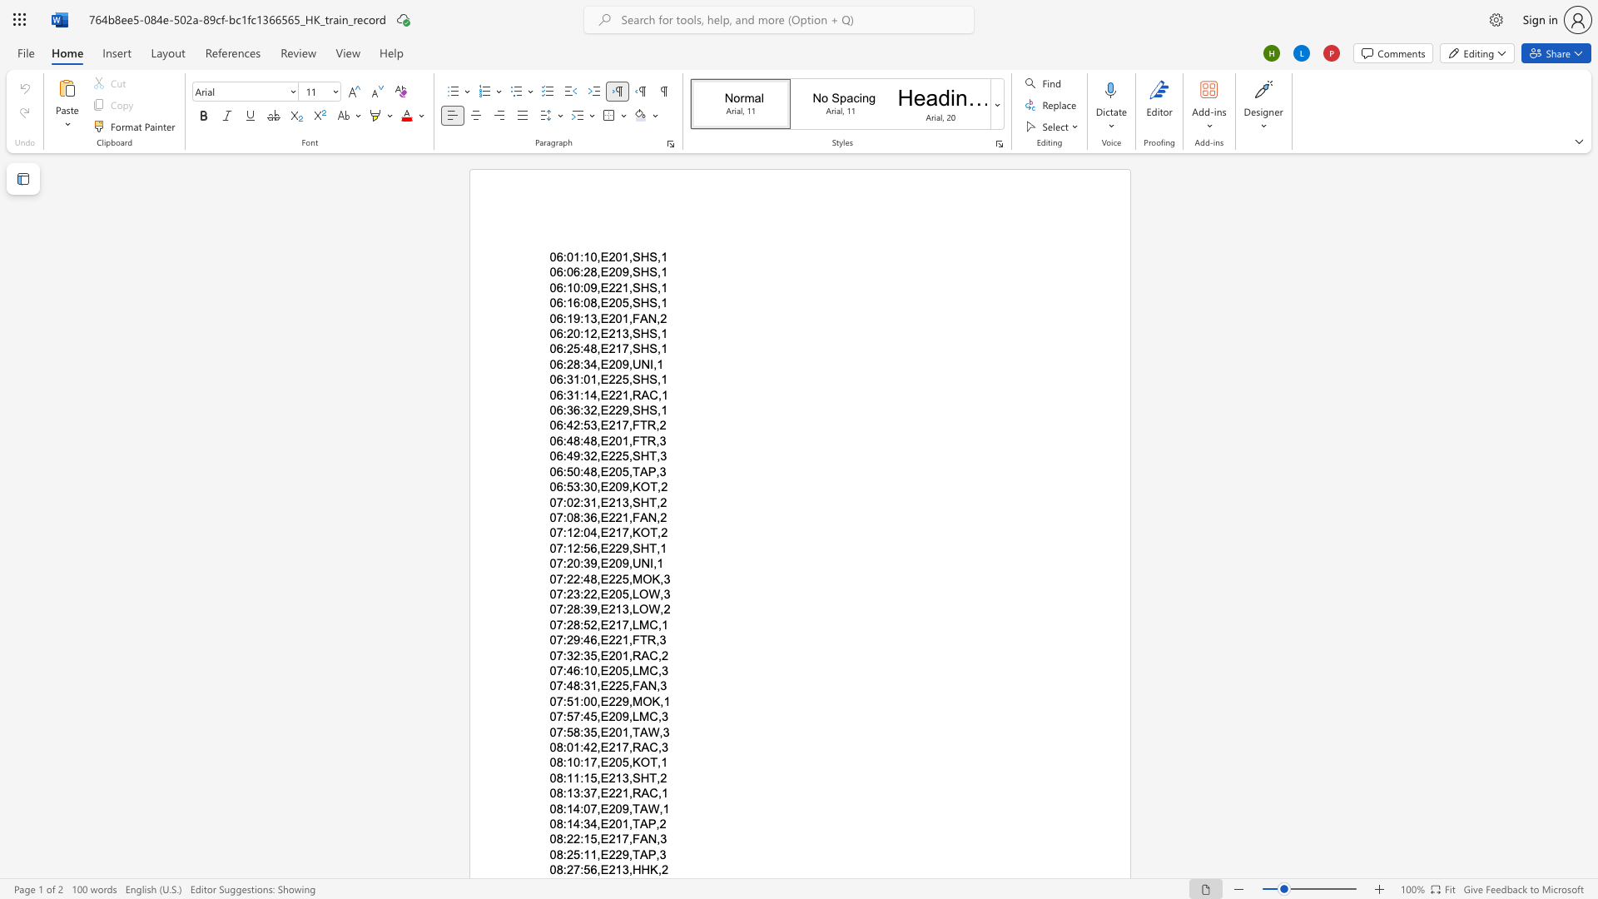  What do you see at coordinates (621, 563) in the screenshot?
I see `the subset text "9,U" within the text "07:20:39,E209,UNI,1"` at bounding box center [621, 563].